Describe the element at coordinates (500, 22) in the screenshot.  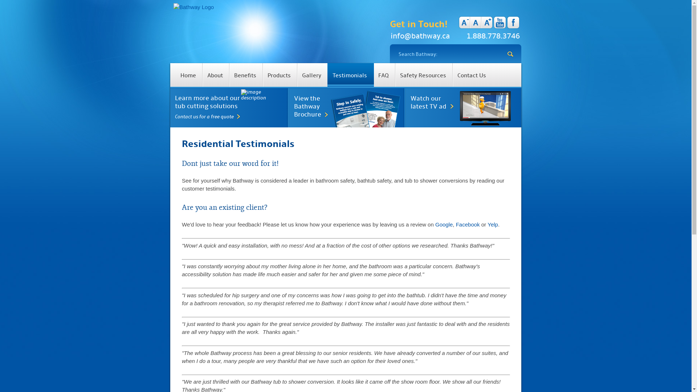
I see `'youtube'` at that location.